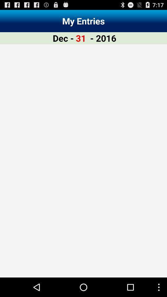  What do you see at coordinates (81, 38) in the screenshot?
I see `the item to the right of the dec - item` at bounding box center [81, 38].